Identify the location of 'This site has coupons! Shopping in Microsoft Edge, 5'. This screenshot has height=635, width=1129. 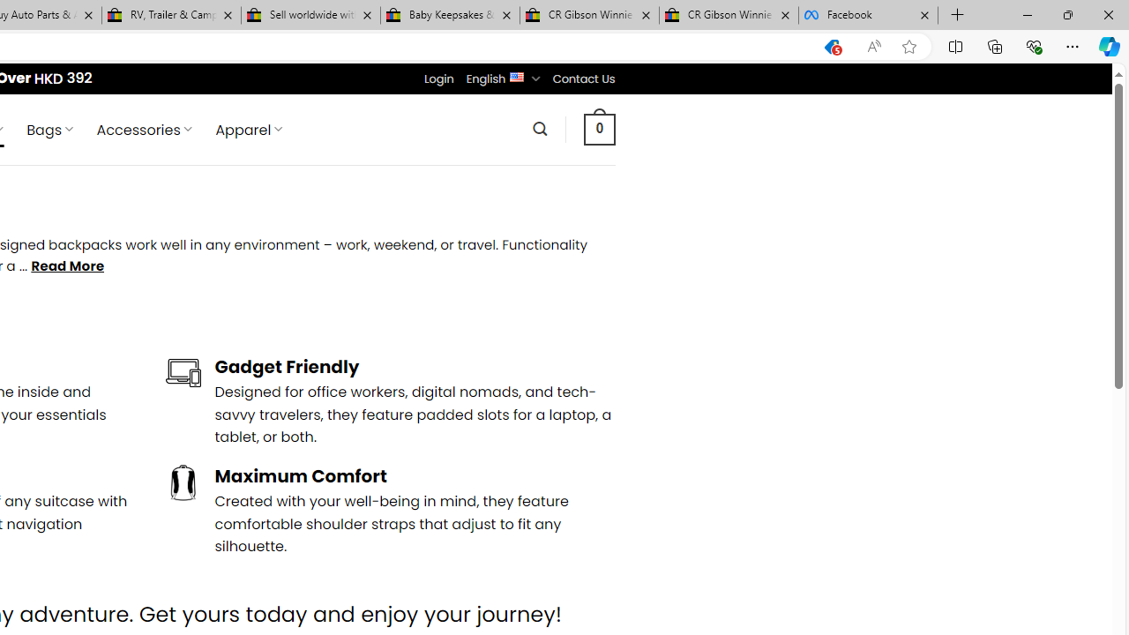
(831, 46).